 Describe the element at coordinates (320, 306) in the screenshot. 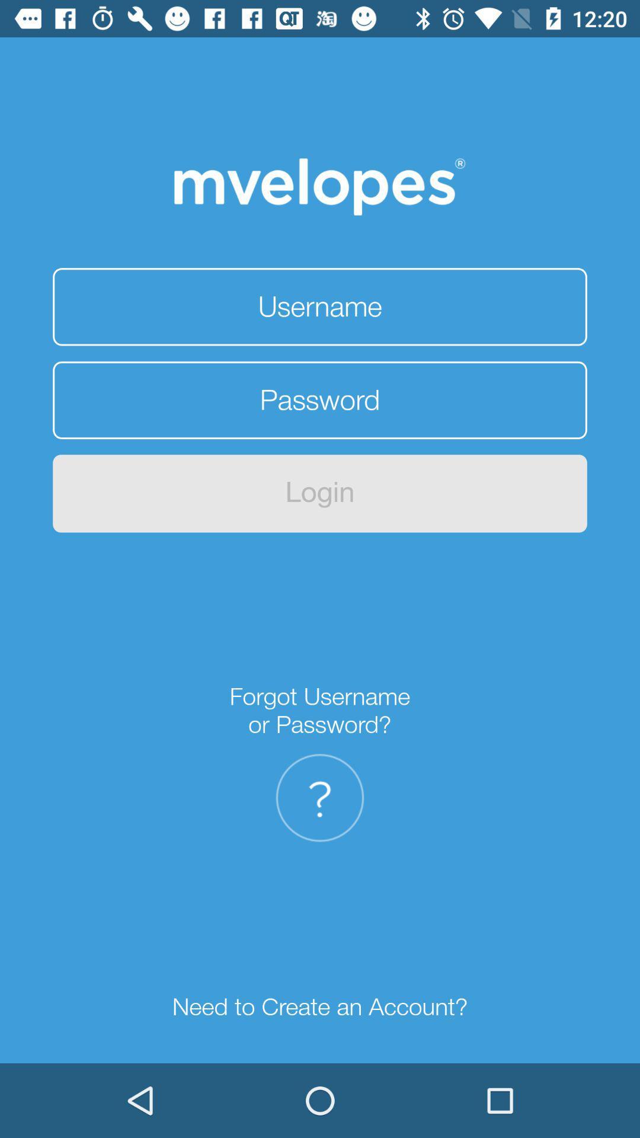

I see `username` at that location.